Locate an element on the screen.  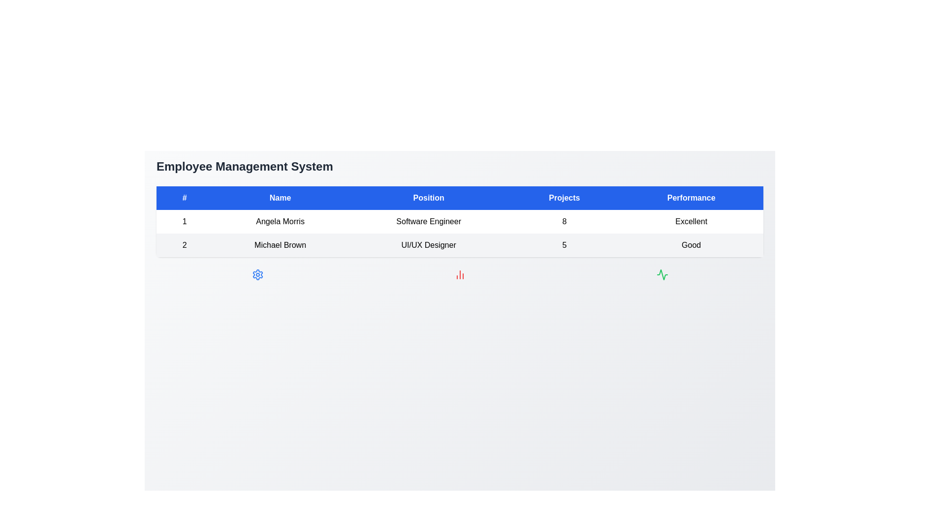
the text display that shows the identifier or index value for the row in the table, located at the top-left section under the column labeled with the pound '#' sign is located at coordinates (185, 222).